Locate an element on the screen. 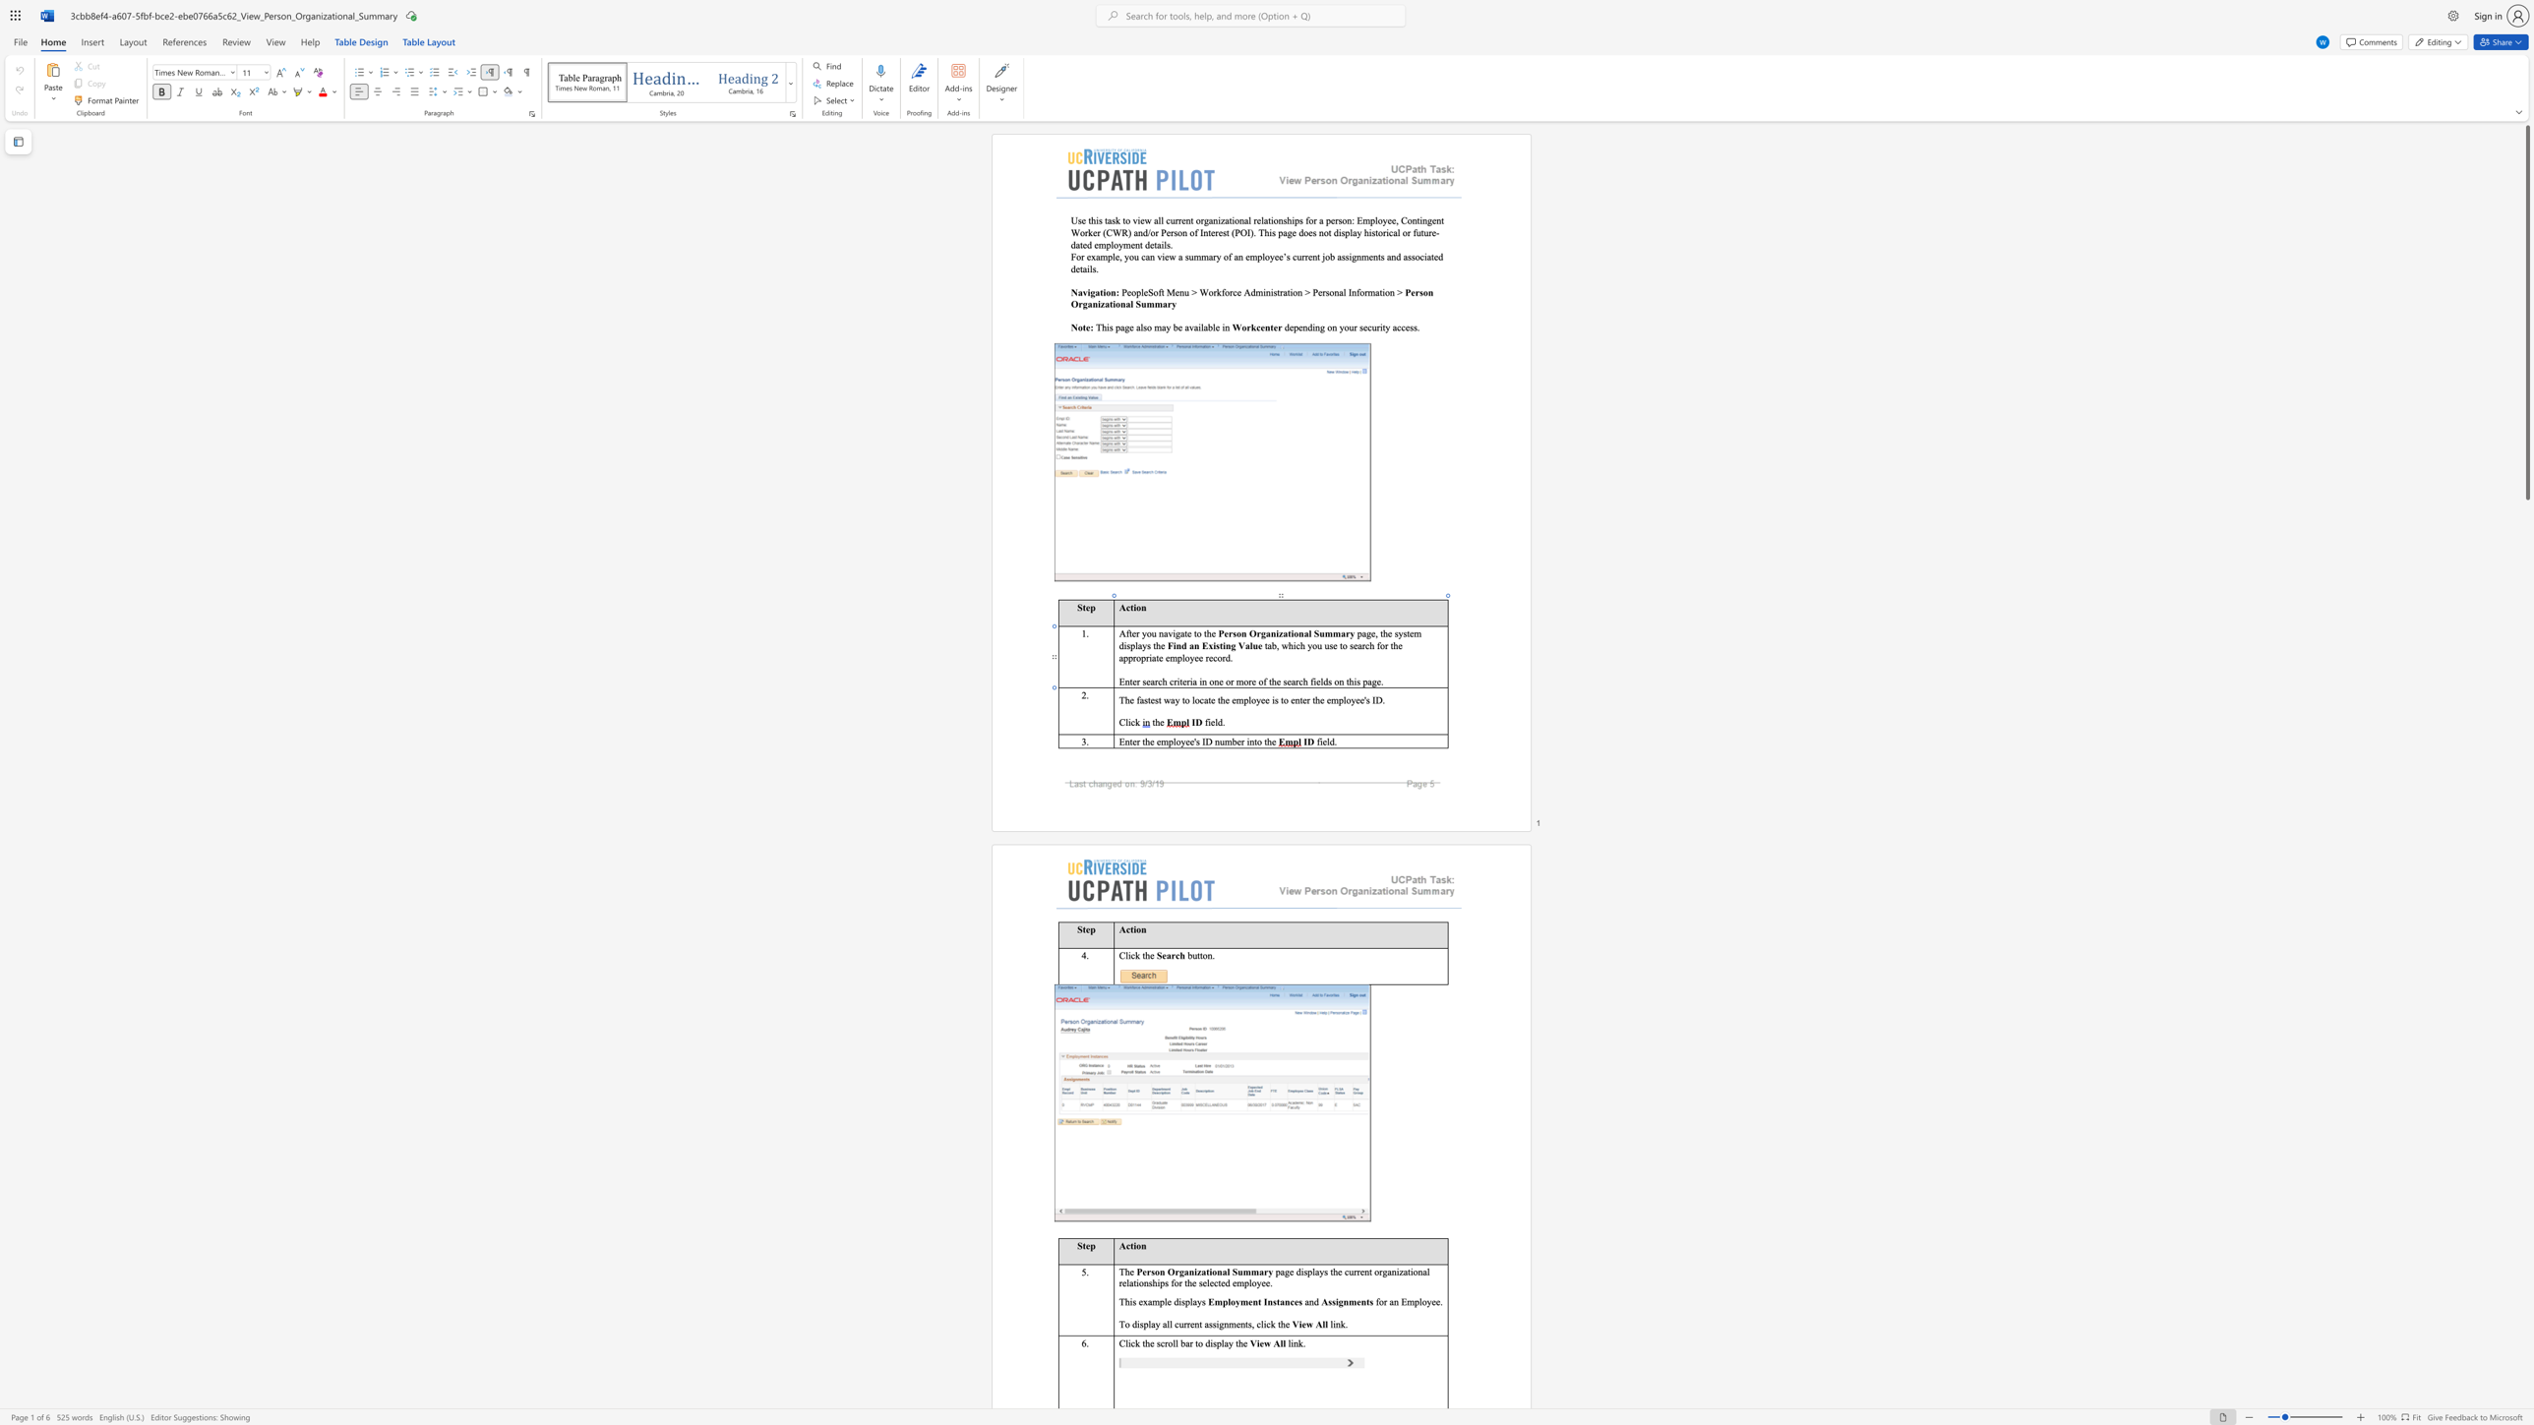 This screenshot has width=2534, height=1425. the space between the continuous character "e" and "e" in the text is located at coordinates (1264, 1283).